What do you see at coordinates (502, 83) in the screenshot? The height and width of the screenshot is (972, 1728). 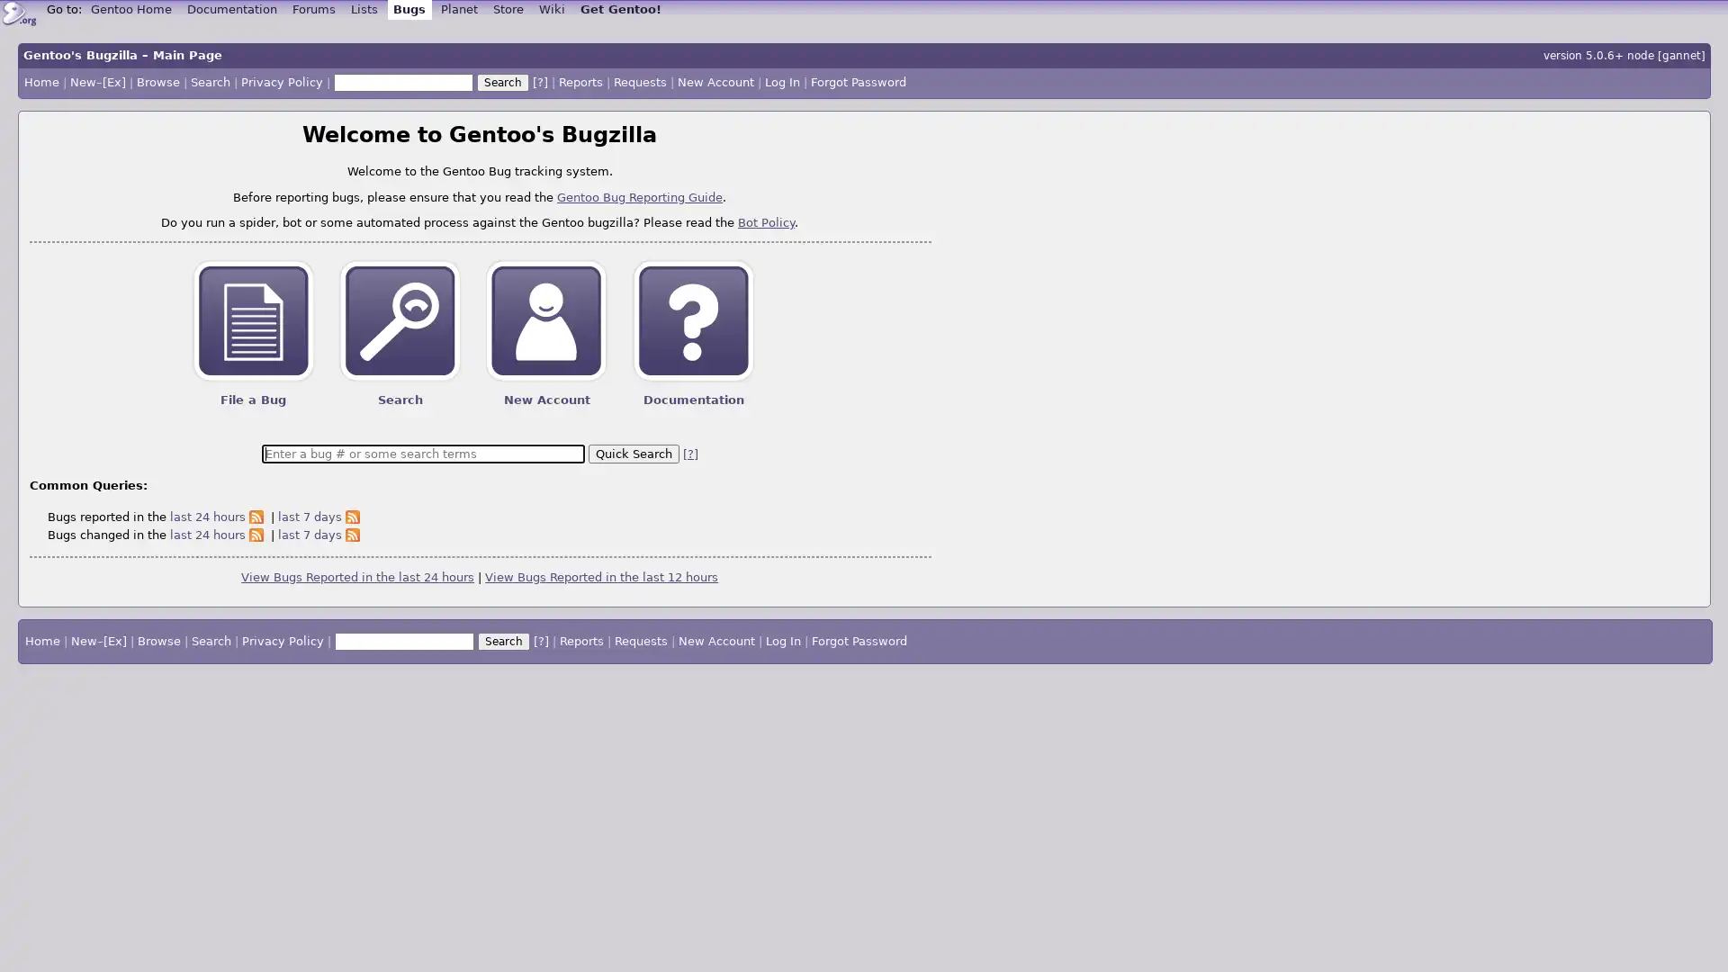 I see `Search` at bounding box center [502, 83].